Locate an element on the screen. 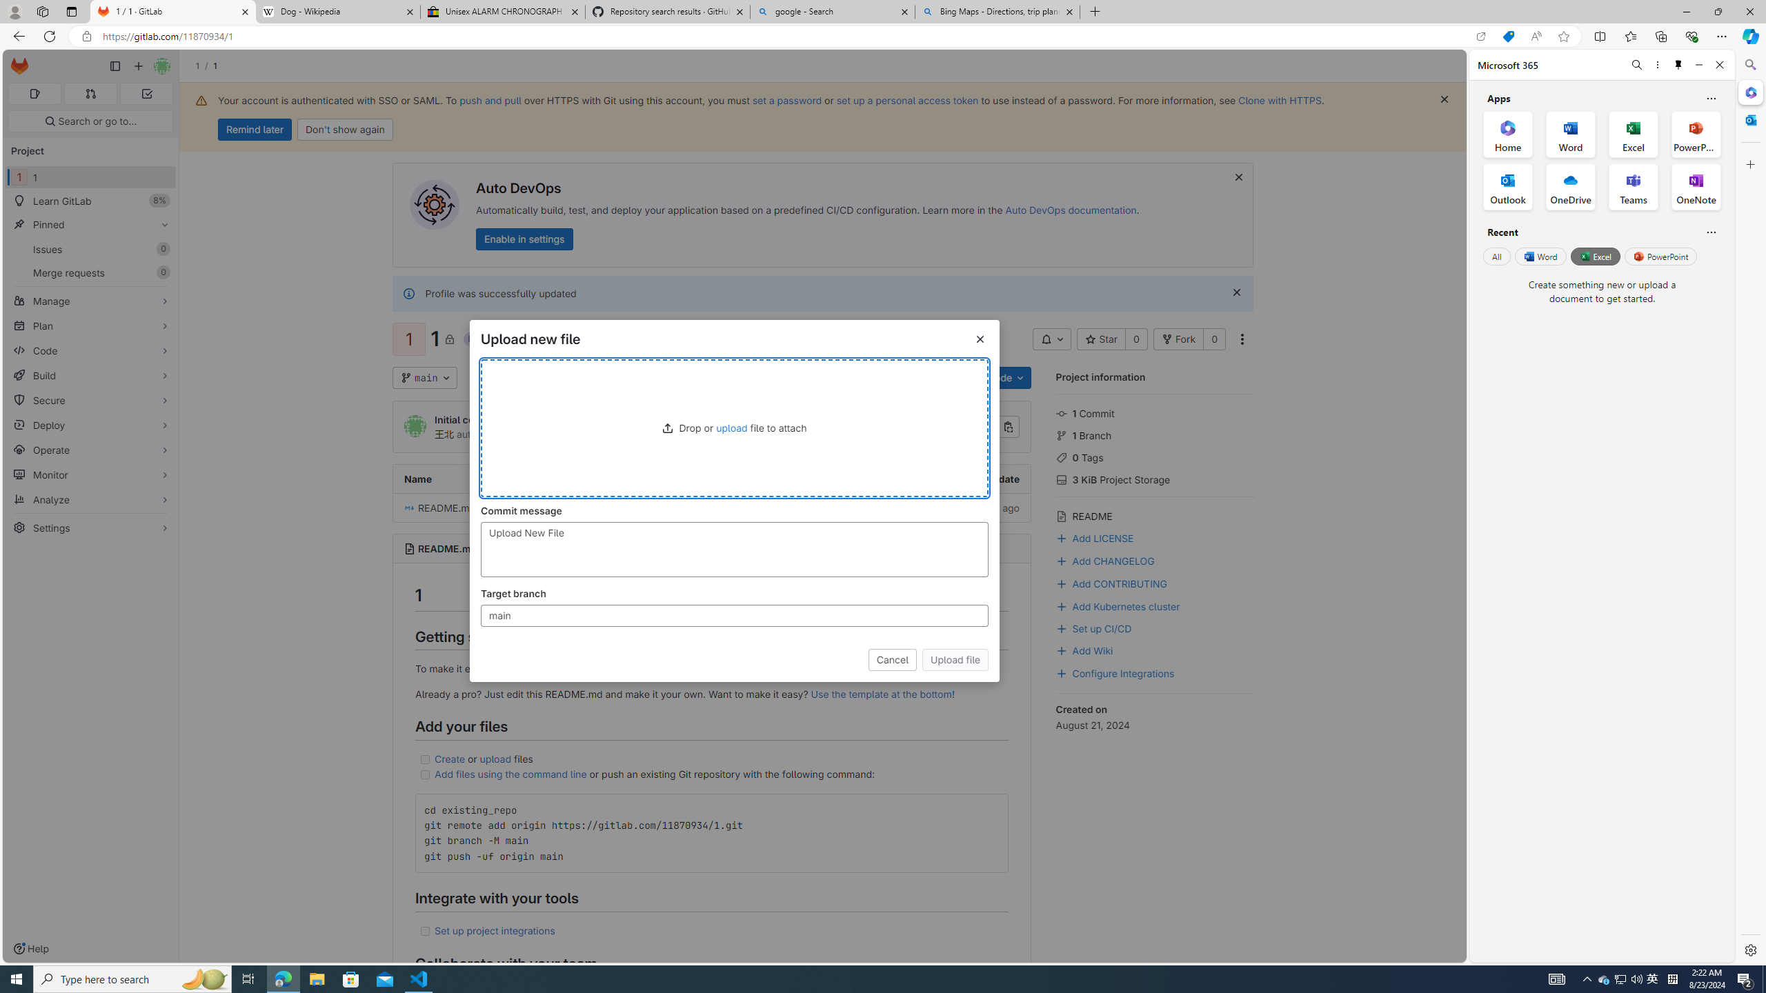 This screenshot has width=1766, height=993. 'Outlook Office App' is located at coordinates (1507, 187).